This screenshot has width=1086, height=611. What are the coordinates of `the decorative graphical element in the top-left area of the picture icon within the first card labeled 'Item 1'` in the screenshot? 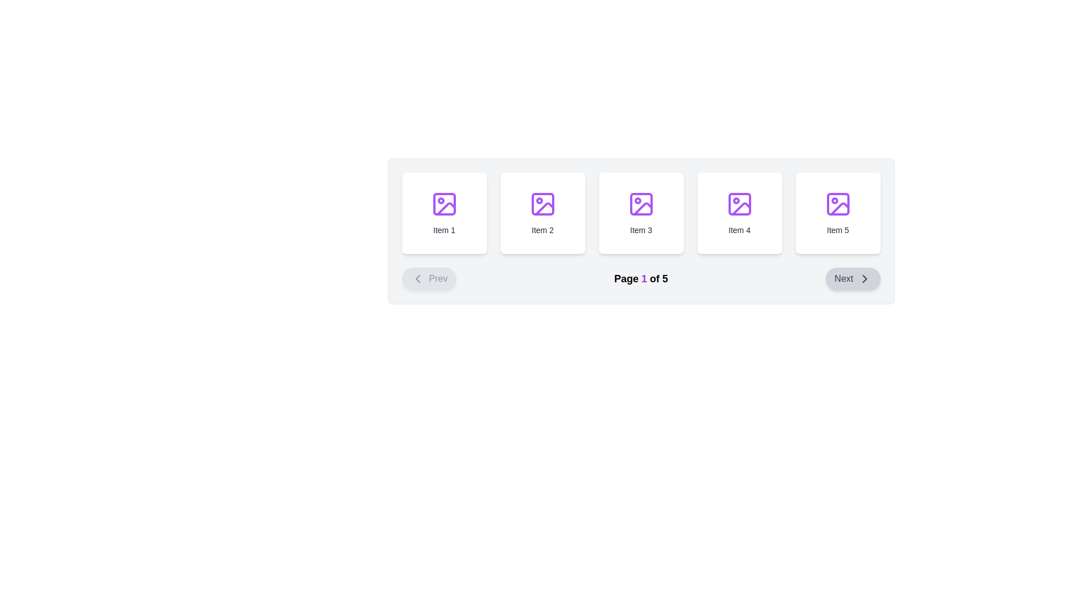 It's located at (443, 204).